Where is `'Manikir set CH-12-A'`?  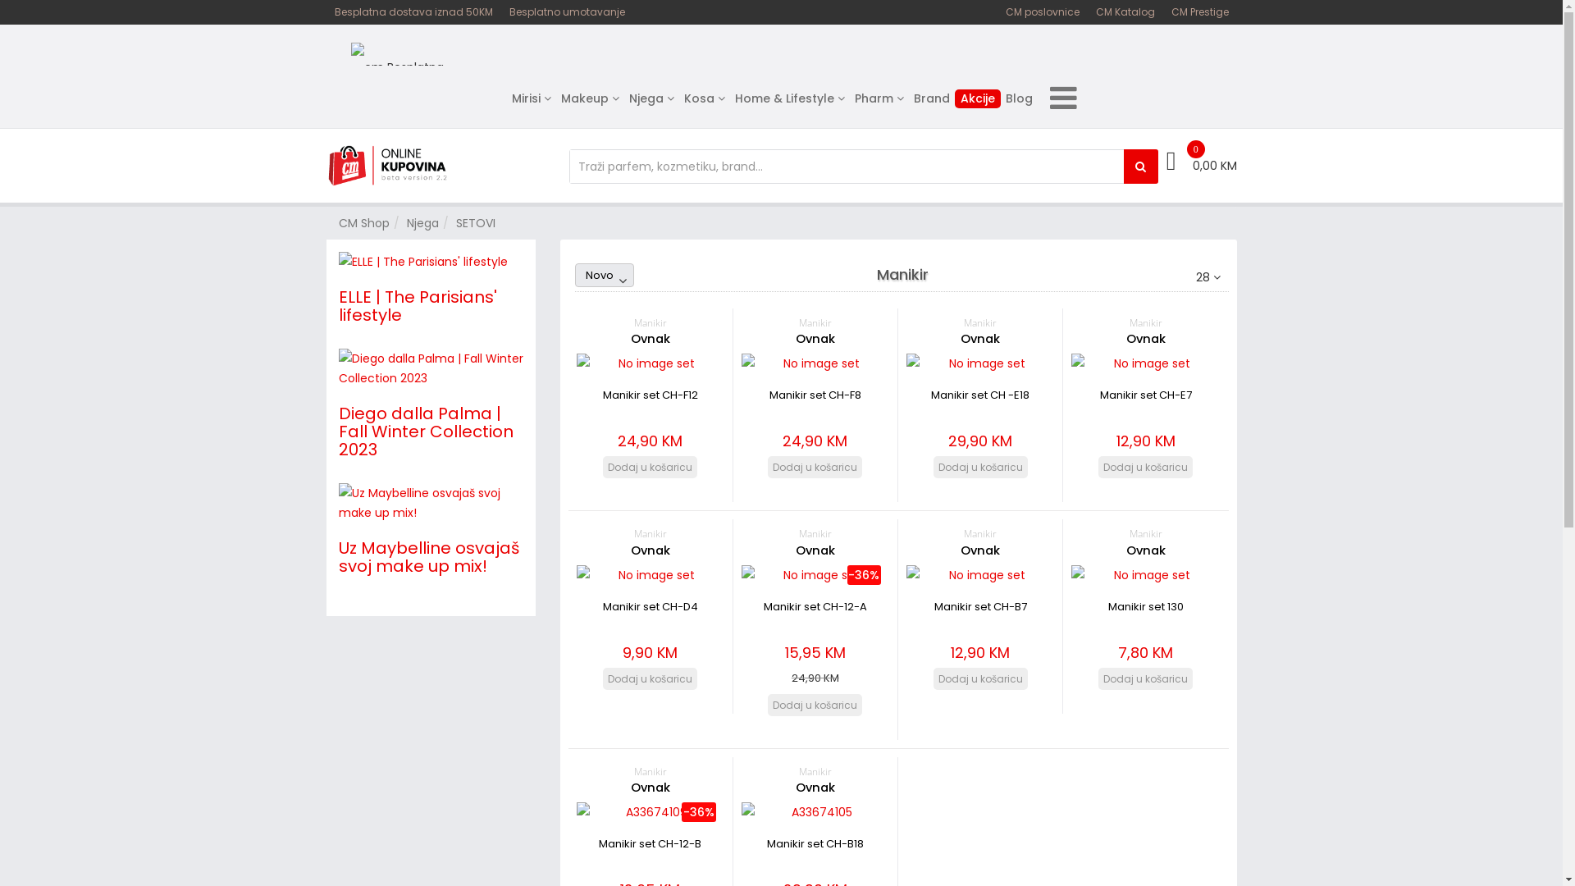
'Manikir set CH-12-A' is located at coordinates (815, 606).